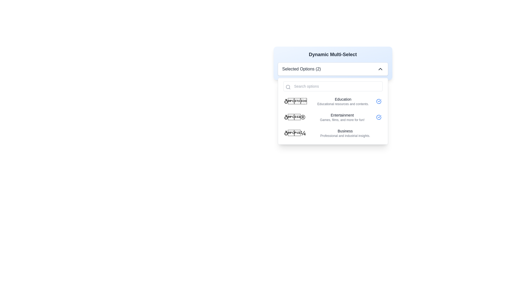 This screenshot has width=509, height=286. Describe the element at coordinates (343, 104) in the screenshot. I see `text content of the descriptive Text label located directly below the 'Education' heading in the options box` at that location.